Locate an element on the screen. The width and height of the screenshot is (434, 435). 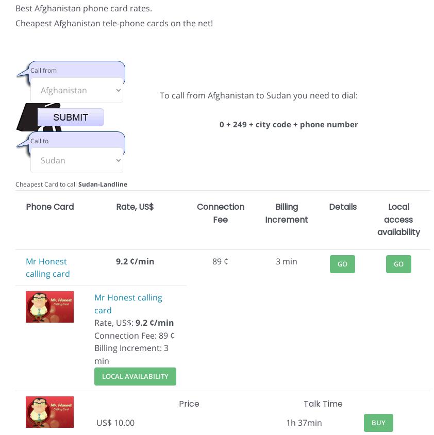
'Local access availability' is located at coordinates (398, 219).